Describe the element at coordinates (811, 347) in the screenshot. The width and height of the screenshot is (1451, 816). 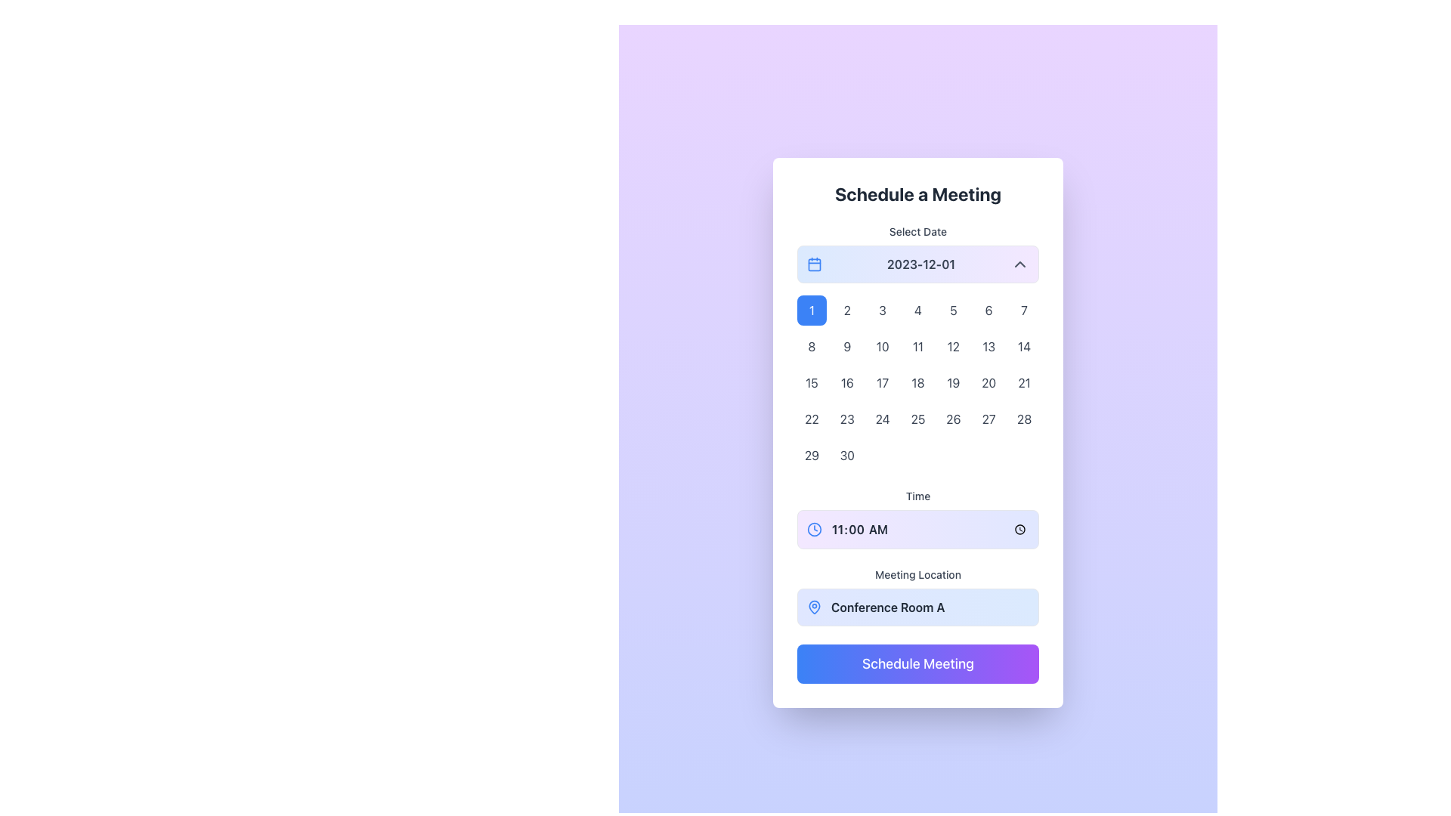
I see `the button representing the selectable day in the calendar interface located in the second row, below the number '1'` at that location.